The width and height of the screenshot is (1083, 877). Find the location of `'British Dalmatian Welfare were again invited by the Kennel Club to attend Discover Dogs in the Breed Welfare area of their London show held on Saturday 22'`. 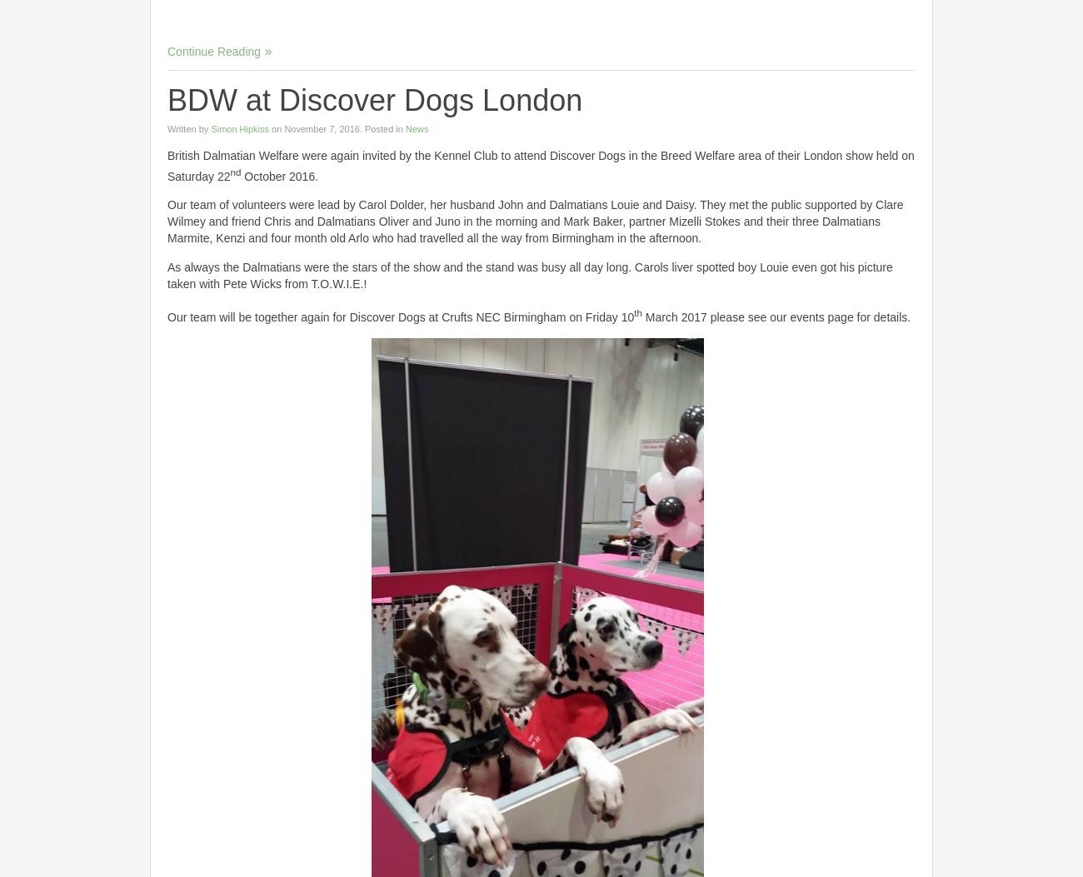

'British Dalmatian Welfare were again invited by the Kennel Club to attend Discover Dogs in the Breed Welfare area of their London show held on Saturday 22' is located at coordinates (540, 165).